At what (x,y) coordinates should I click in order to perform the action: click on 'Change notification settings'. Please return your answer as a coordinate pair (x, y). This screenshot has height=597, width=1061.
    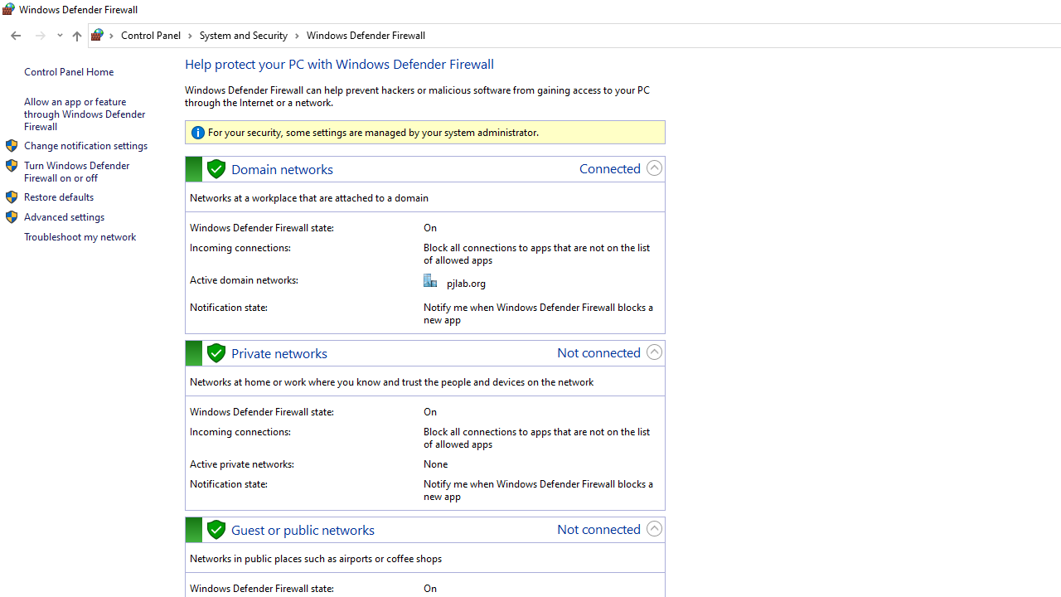
    Looking at the image, I should click on (85, 144).